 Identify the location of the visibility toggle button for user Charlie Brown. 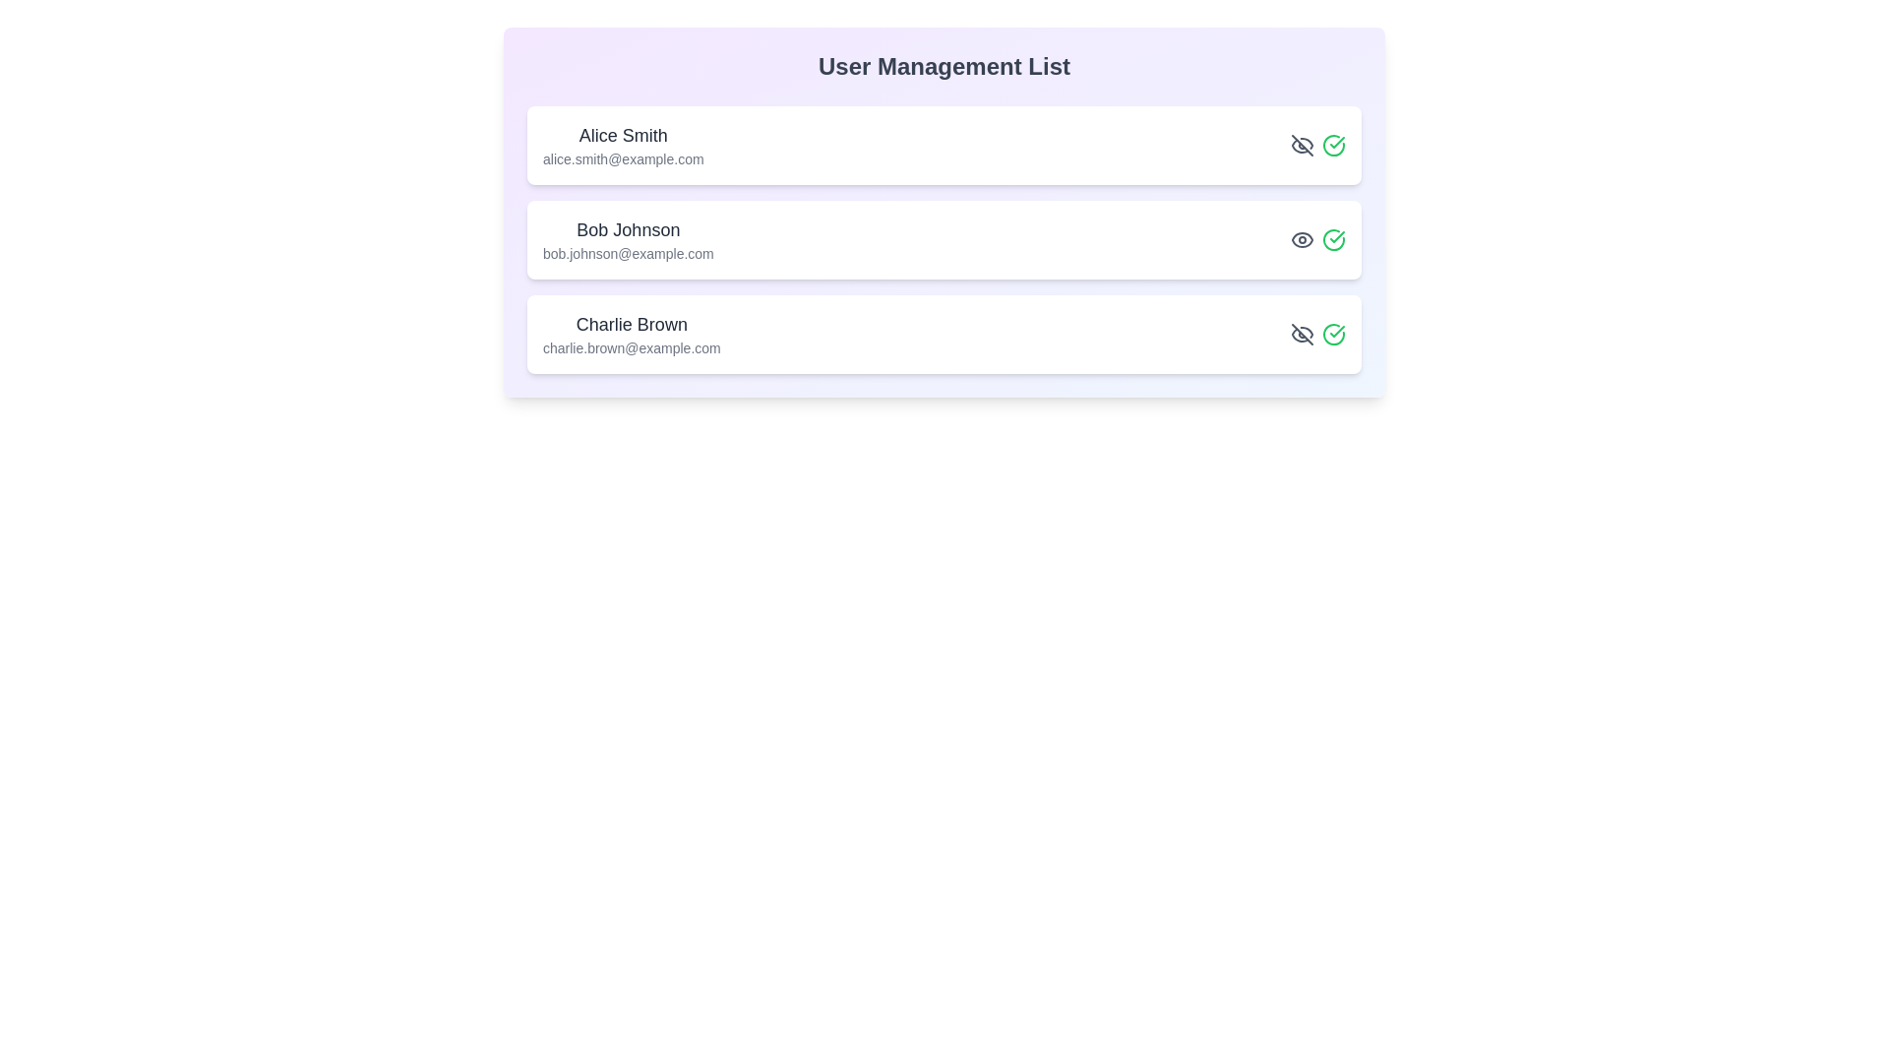
(1303, 333).